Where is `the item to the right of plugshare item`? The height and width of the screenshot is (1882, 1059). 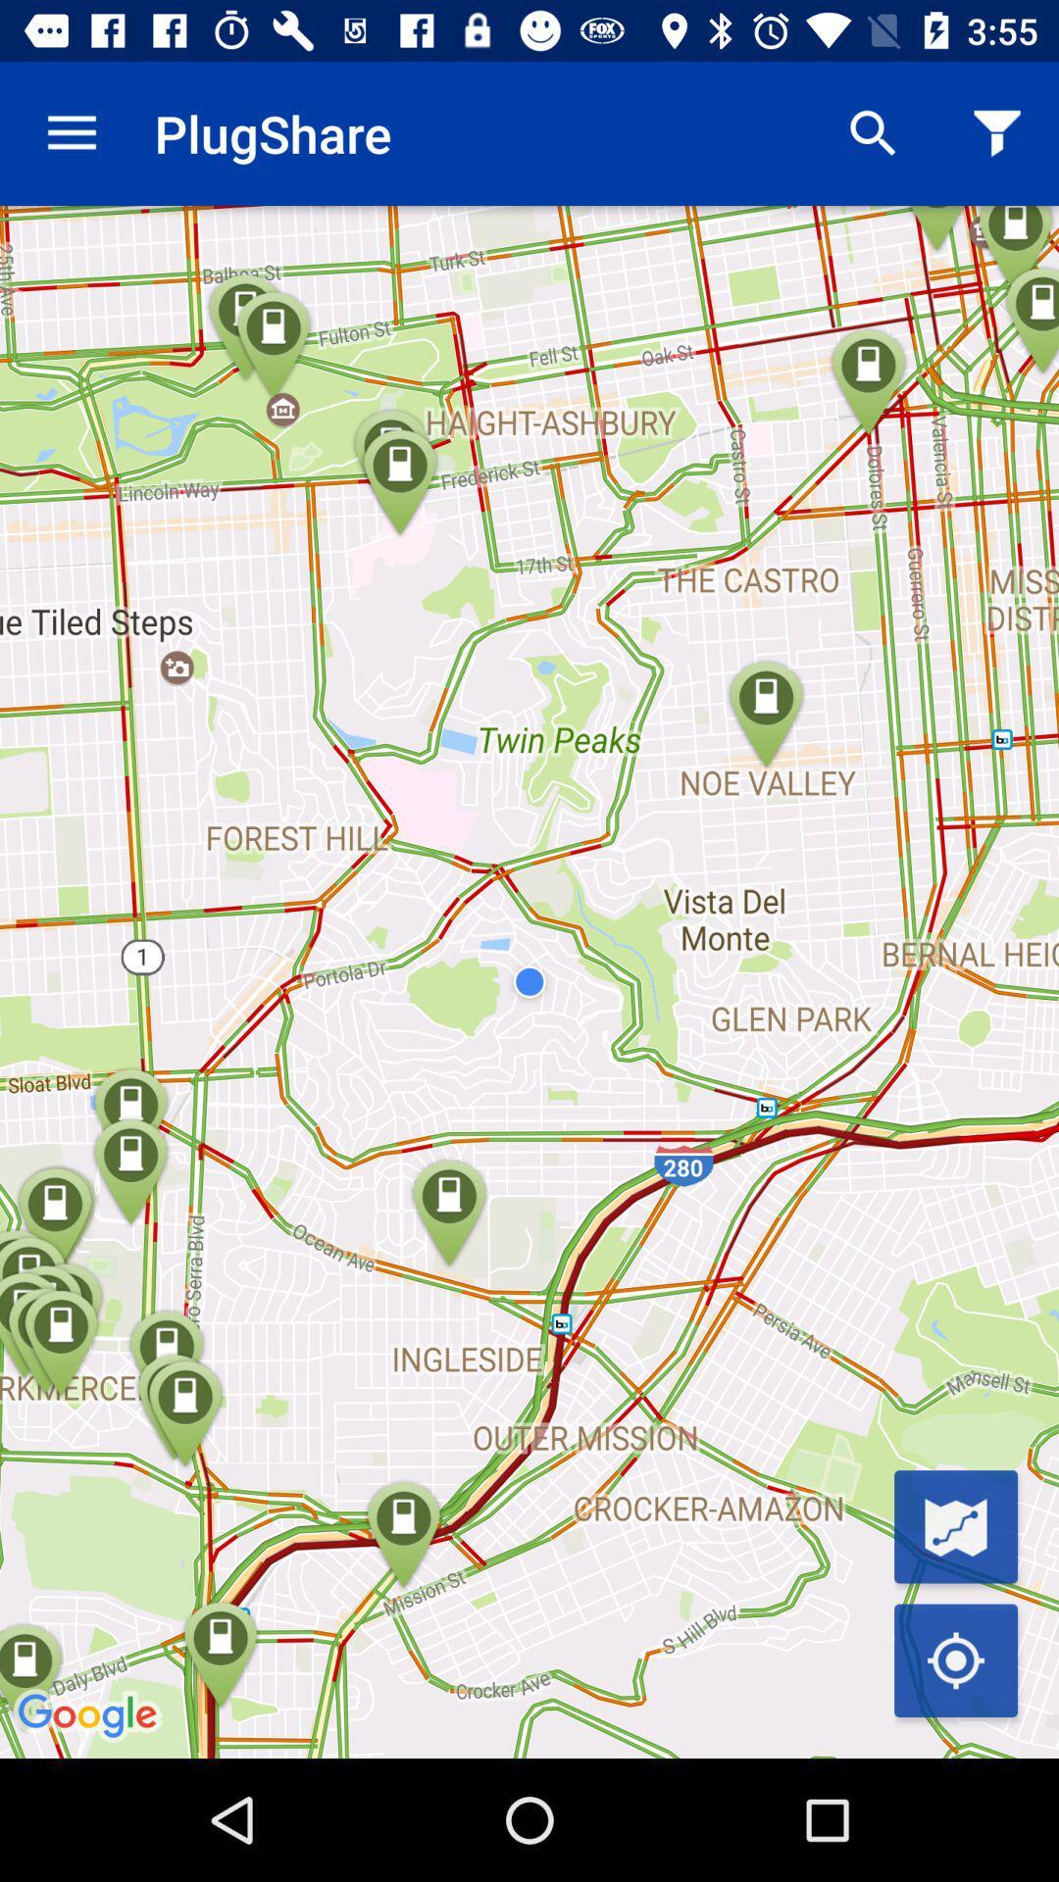
the item to the right of plugshare item is located at coordinates (873, 132).